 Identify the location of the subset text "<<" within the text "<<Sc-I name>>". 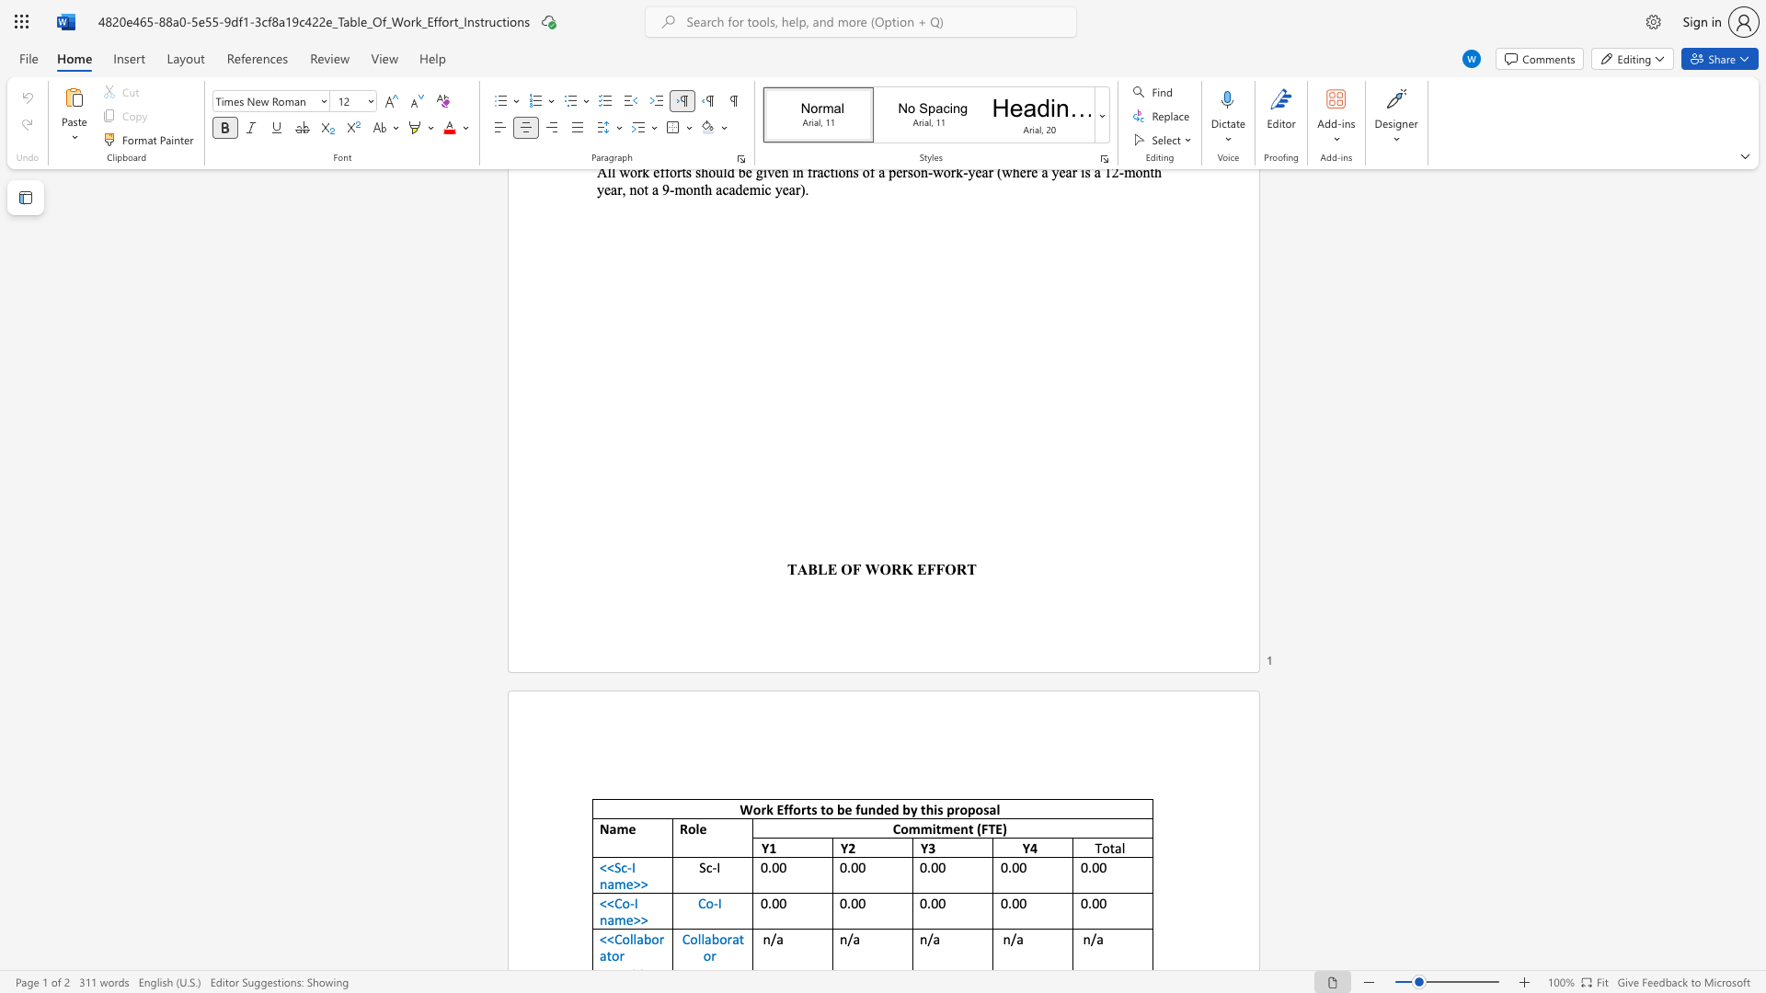
(600, 867).